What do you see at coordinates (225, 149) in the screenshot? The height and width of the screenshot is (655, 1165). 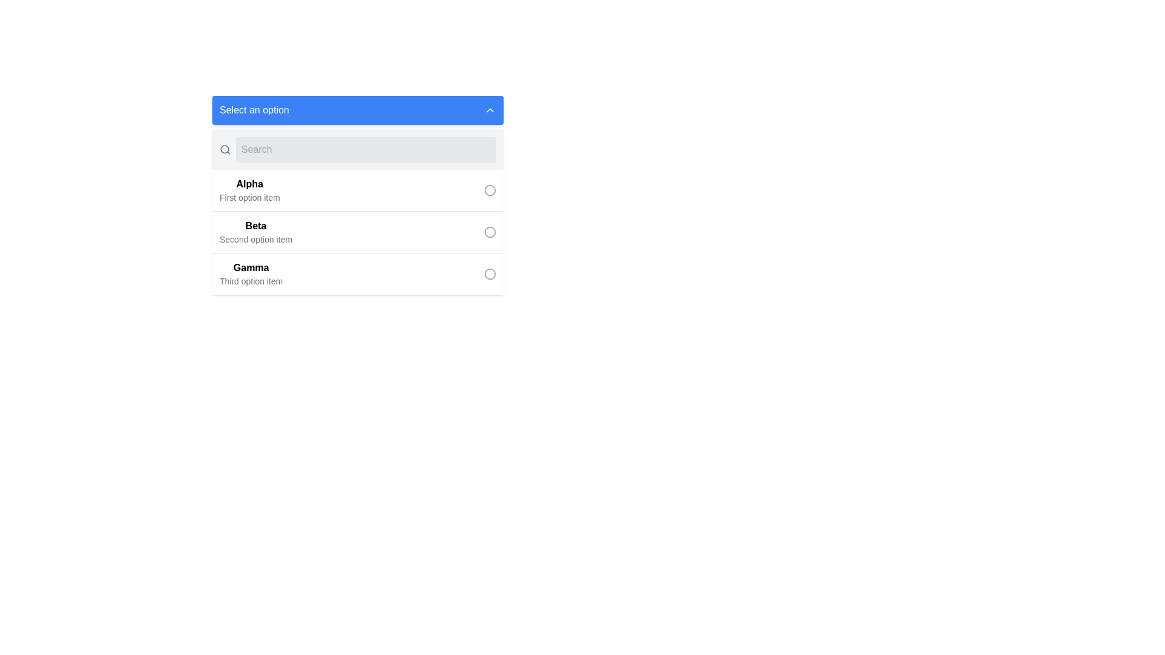 I see `the search functionality icon located to the left of the search input field in the top central section of the interface` at bounding box center [225, 149].